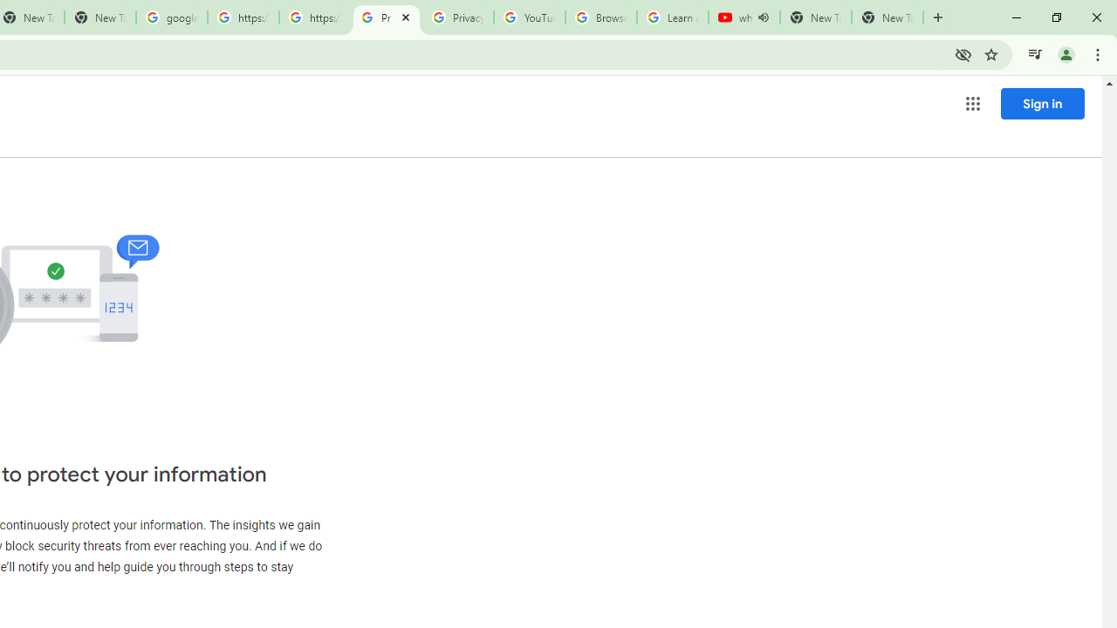  I want to click on 'New Tab', so click(887, 17).